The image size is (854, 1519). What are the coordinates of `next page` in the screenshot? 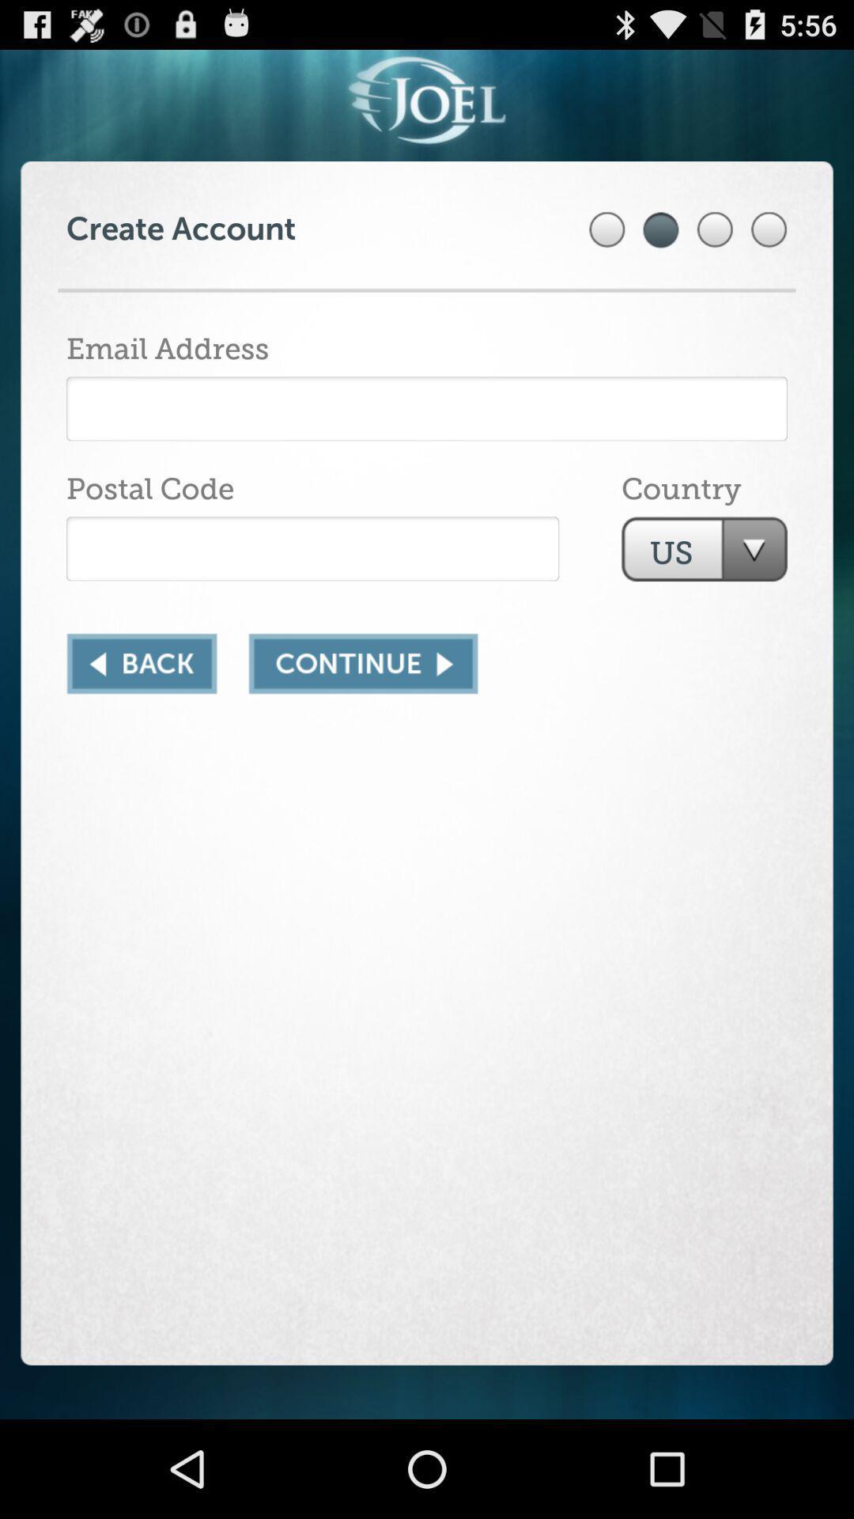 It's located at (363, 664).